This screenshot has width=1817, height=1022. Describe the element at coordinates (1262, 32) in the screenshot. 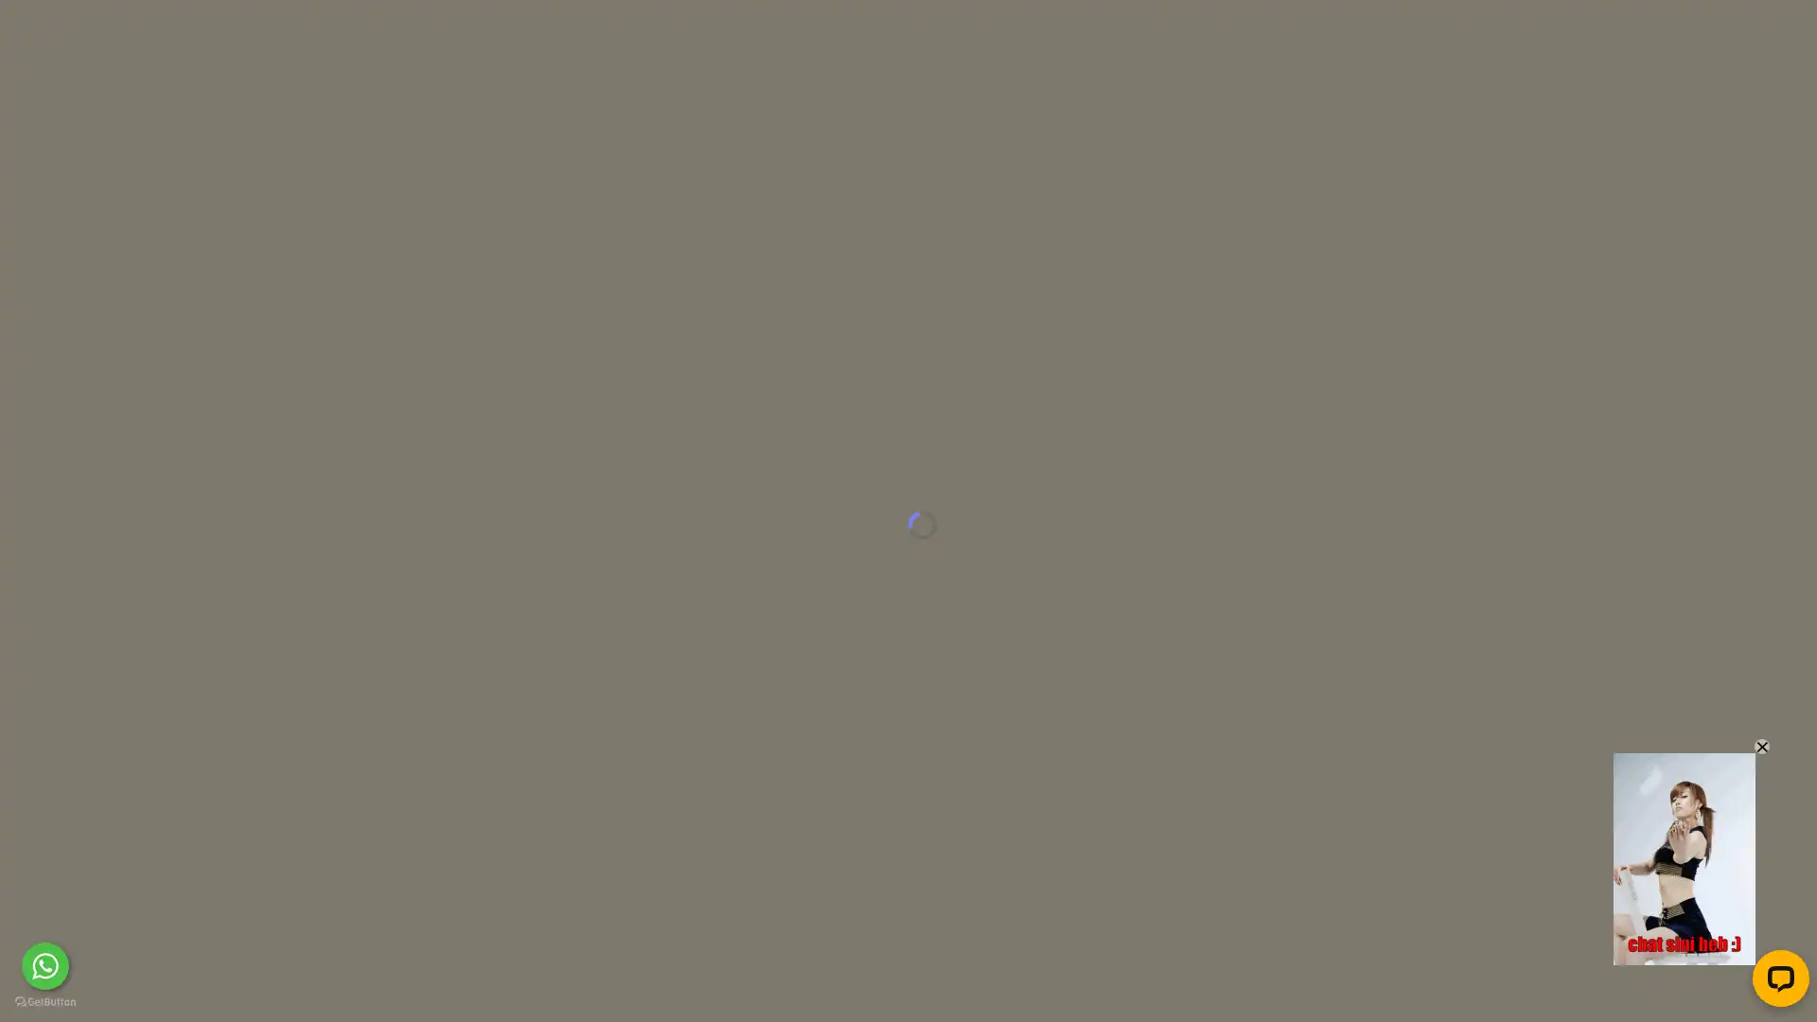

I see `LOGIN` at that location.